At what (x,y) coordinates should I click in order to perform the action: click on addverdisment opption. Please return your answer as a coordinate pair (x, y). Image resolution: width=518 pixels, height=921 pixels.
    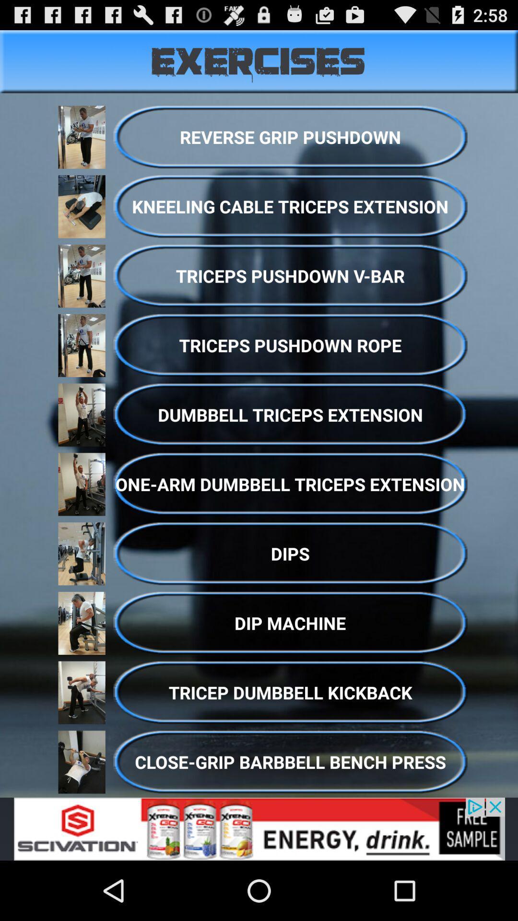
    Looking at the image, I should click on (259, 828).